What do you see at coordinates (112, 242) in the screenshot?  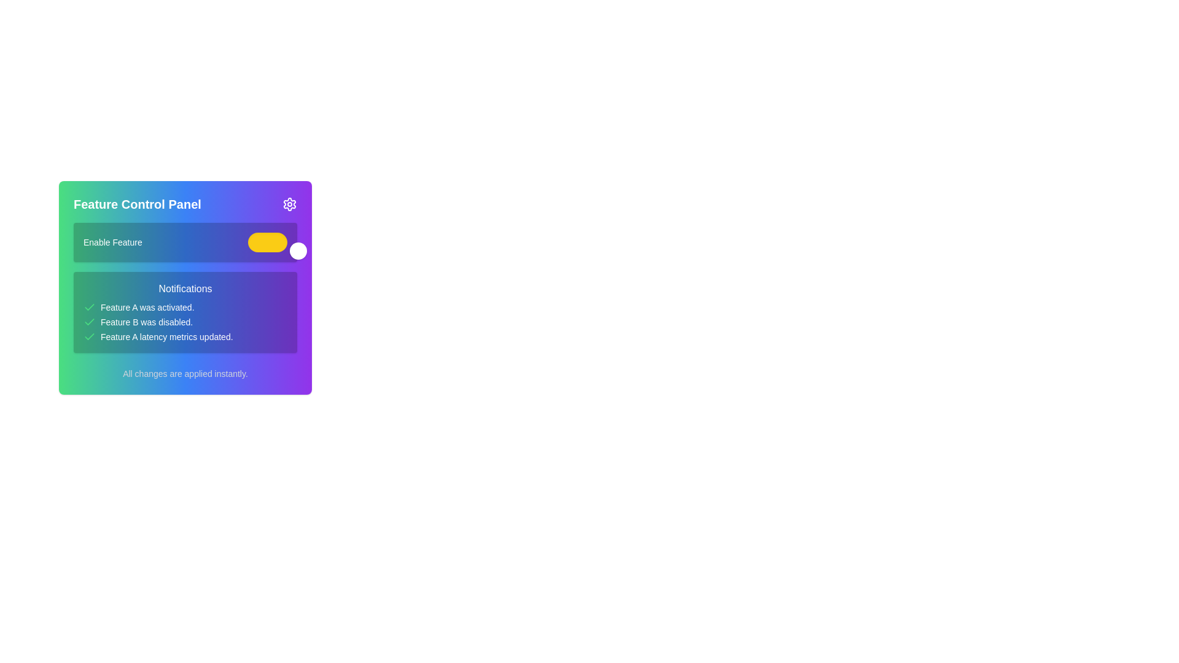 I see `the text label reading 'Enable Feature', which is styled with a small font size and positioned to the left of a toggle switch on a gradient background` at bounding box center [112, 242].